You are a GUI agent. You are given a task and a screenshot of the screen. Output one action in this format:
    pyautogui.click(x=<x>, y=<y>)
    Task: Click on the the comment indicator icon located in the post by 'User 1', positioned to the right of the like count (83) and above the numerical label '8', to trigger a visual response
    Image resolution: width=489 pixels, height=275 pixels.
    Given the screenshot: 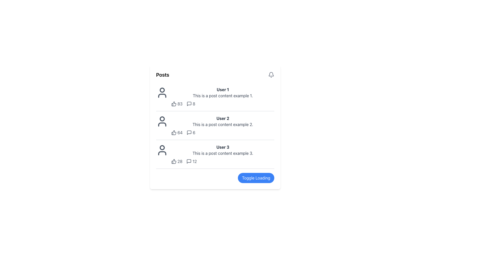 What is the action you would take?
    pyautogui.click(x=189, y=104)
    